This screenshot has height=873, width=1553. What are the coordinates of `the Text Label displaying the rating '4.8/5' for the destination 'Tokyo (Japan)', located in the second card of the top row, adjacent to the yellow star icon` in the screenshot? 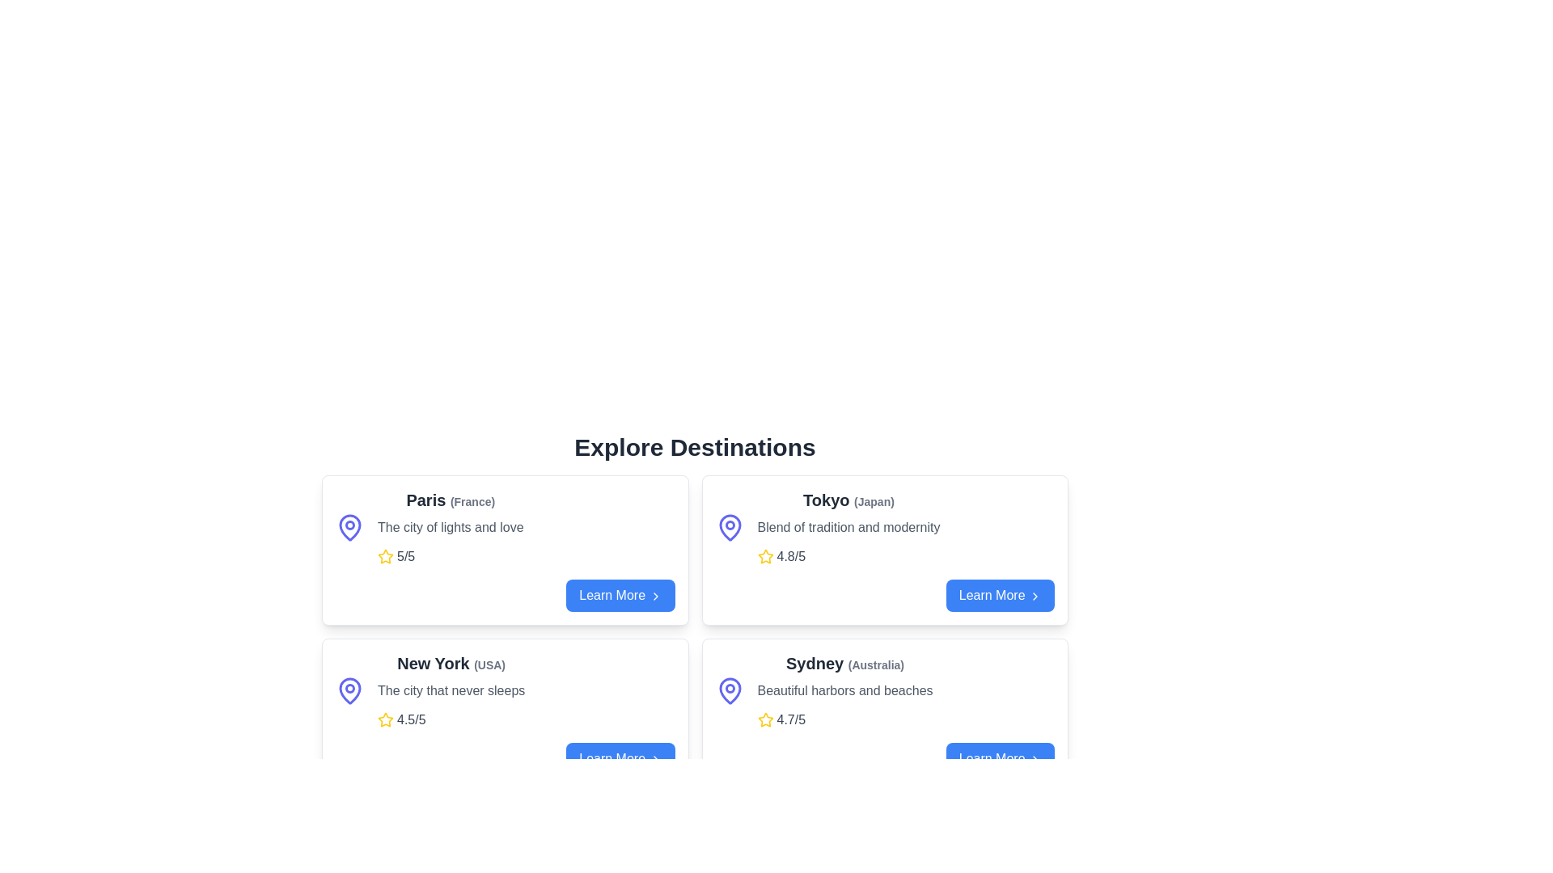 It's located at (791, 556).